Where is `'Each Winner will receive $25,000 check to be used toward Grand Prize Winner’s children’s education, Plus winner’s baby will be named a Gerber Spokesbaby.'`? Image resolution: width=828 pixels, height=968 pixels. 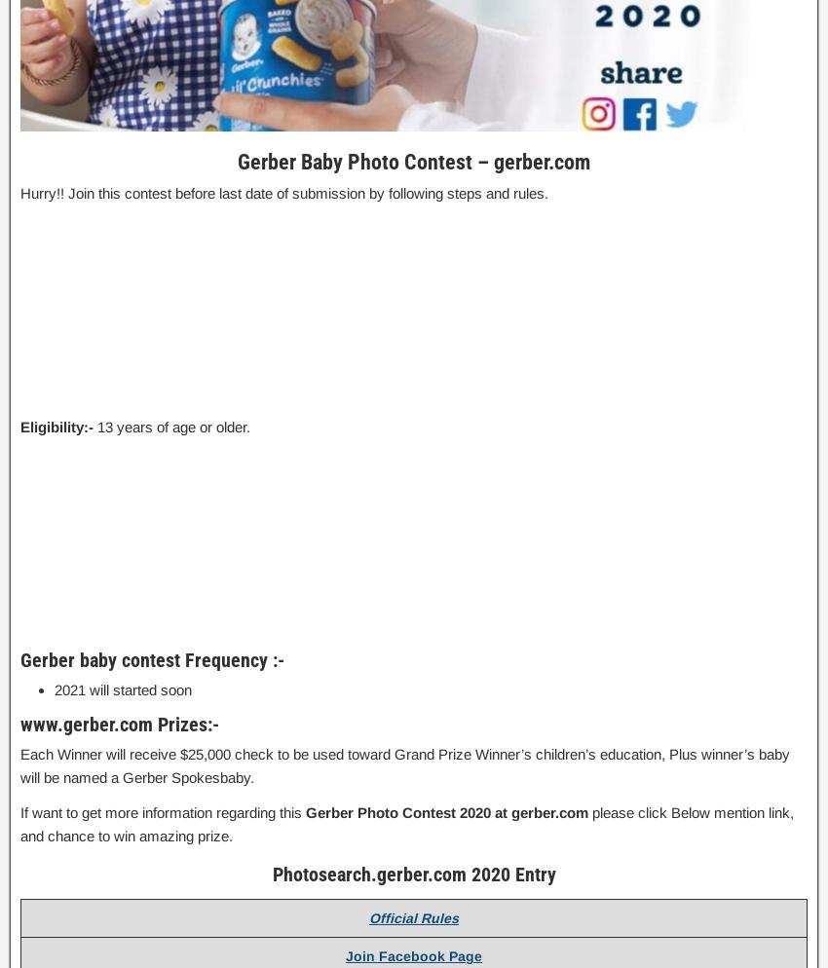 'Each Winner will receive $25,000 check to be used toward Grand Prize Winner’s children’s education, Plus winner’s baby will be named a Gerber Spokesbaby.' is located at coordinates (19, 764).